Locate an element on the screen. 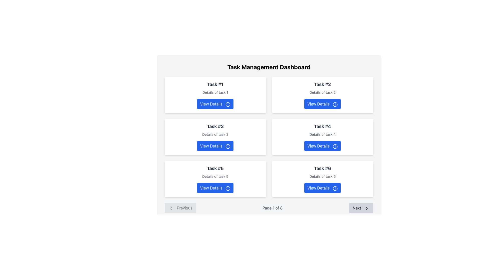 The height and width of the screenshot is (270, 481). text content of the Text header element located at the top-center of the task management dashboard is located at coordinates (269, 66).